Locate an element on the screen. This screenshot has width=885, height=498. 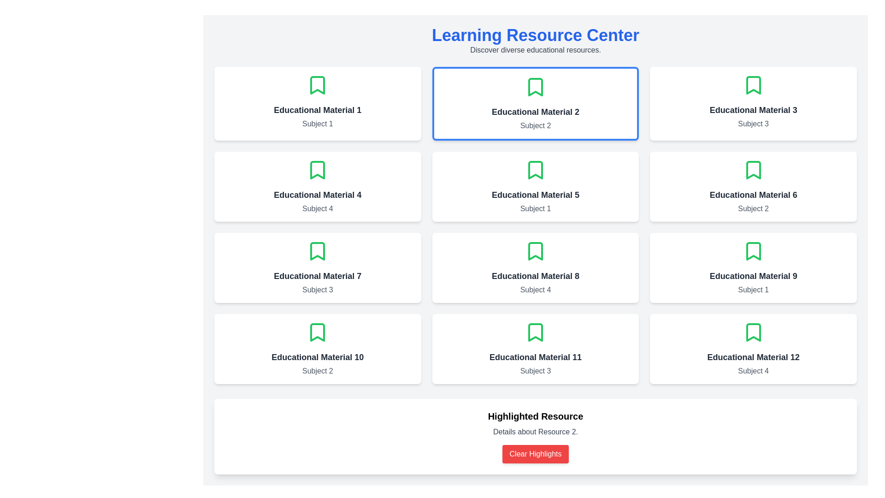
the card titled 'Educational Material 3' with a green bookmark icon at the top center, located in the top-right corner of the grid layout is located at coordinates (753, 103).